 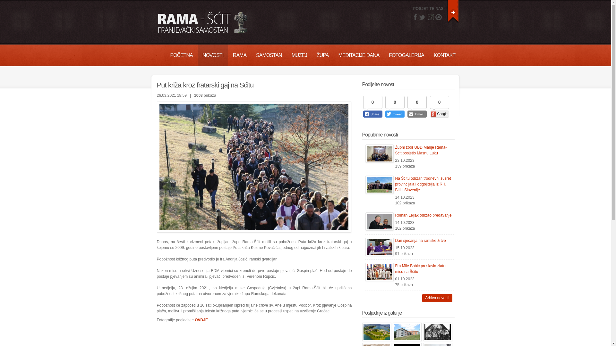 I want to click on '+', so click(x=453, y=11).